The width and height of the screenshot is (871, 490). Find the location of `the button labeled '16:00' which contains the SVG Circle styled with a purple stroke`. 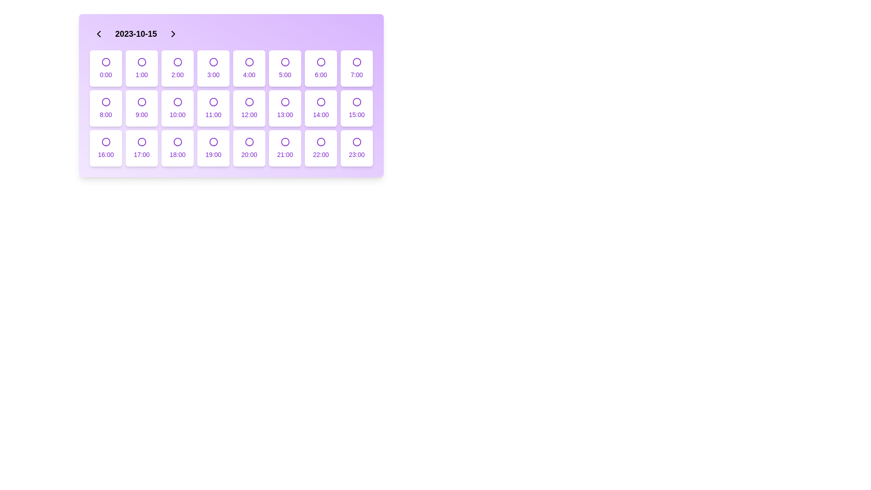

the button labeled '16:00' which contains the SVG Circle styled with a purple stroke is located at coordinates (106, 142).